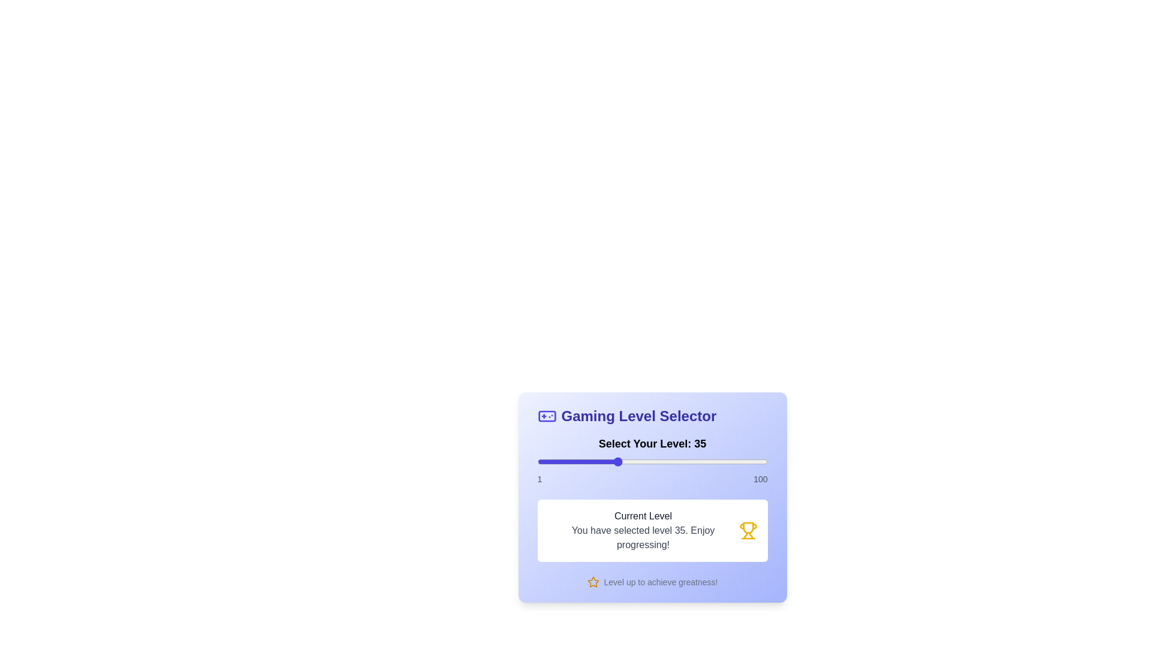 Image resolution: width=1151 pixels, height=647 pixels. I want to click on the encouraging message text with an icon located at the bottom of the 'Gaming Level Selector' card, centered horizontally beneath the 'Current Level' section, so click(652, 582).